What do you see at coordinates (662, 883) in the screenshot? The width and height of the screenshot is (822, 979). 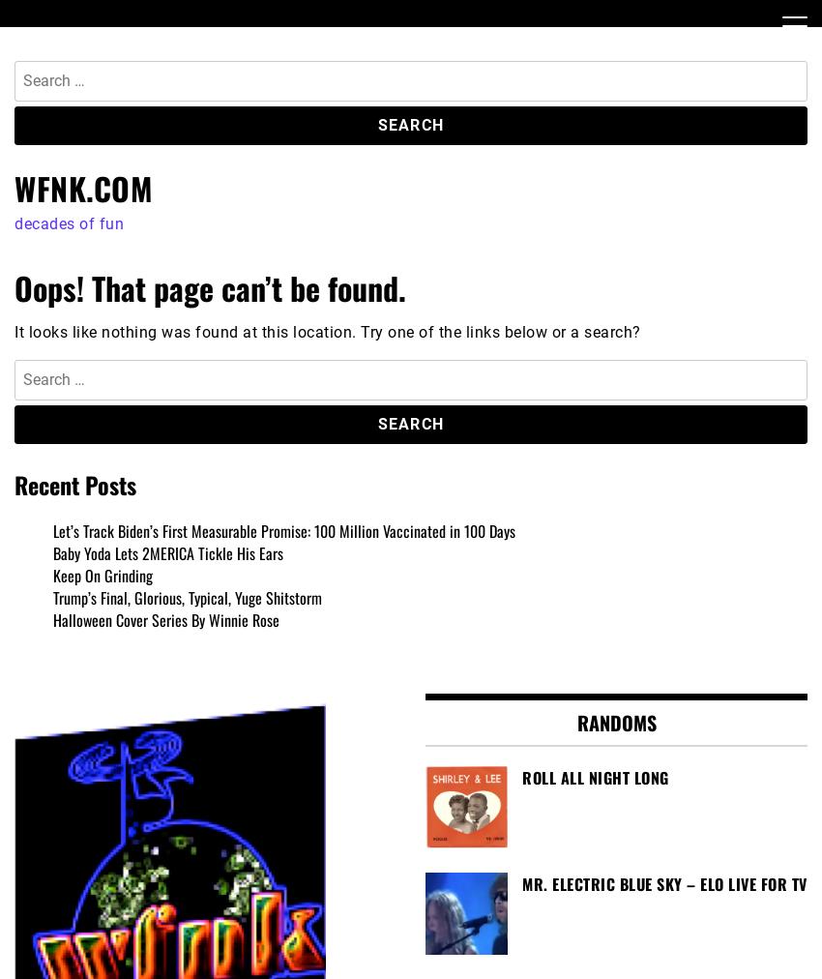 I see `'Mr. Electric Blue Sky – ELO Live for TV'` at bounding box center [662, 883].